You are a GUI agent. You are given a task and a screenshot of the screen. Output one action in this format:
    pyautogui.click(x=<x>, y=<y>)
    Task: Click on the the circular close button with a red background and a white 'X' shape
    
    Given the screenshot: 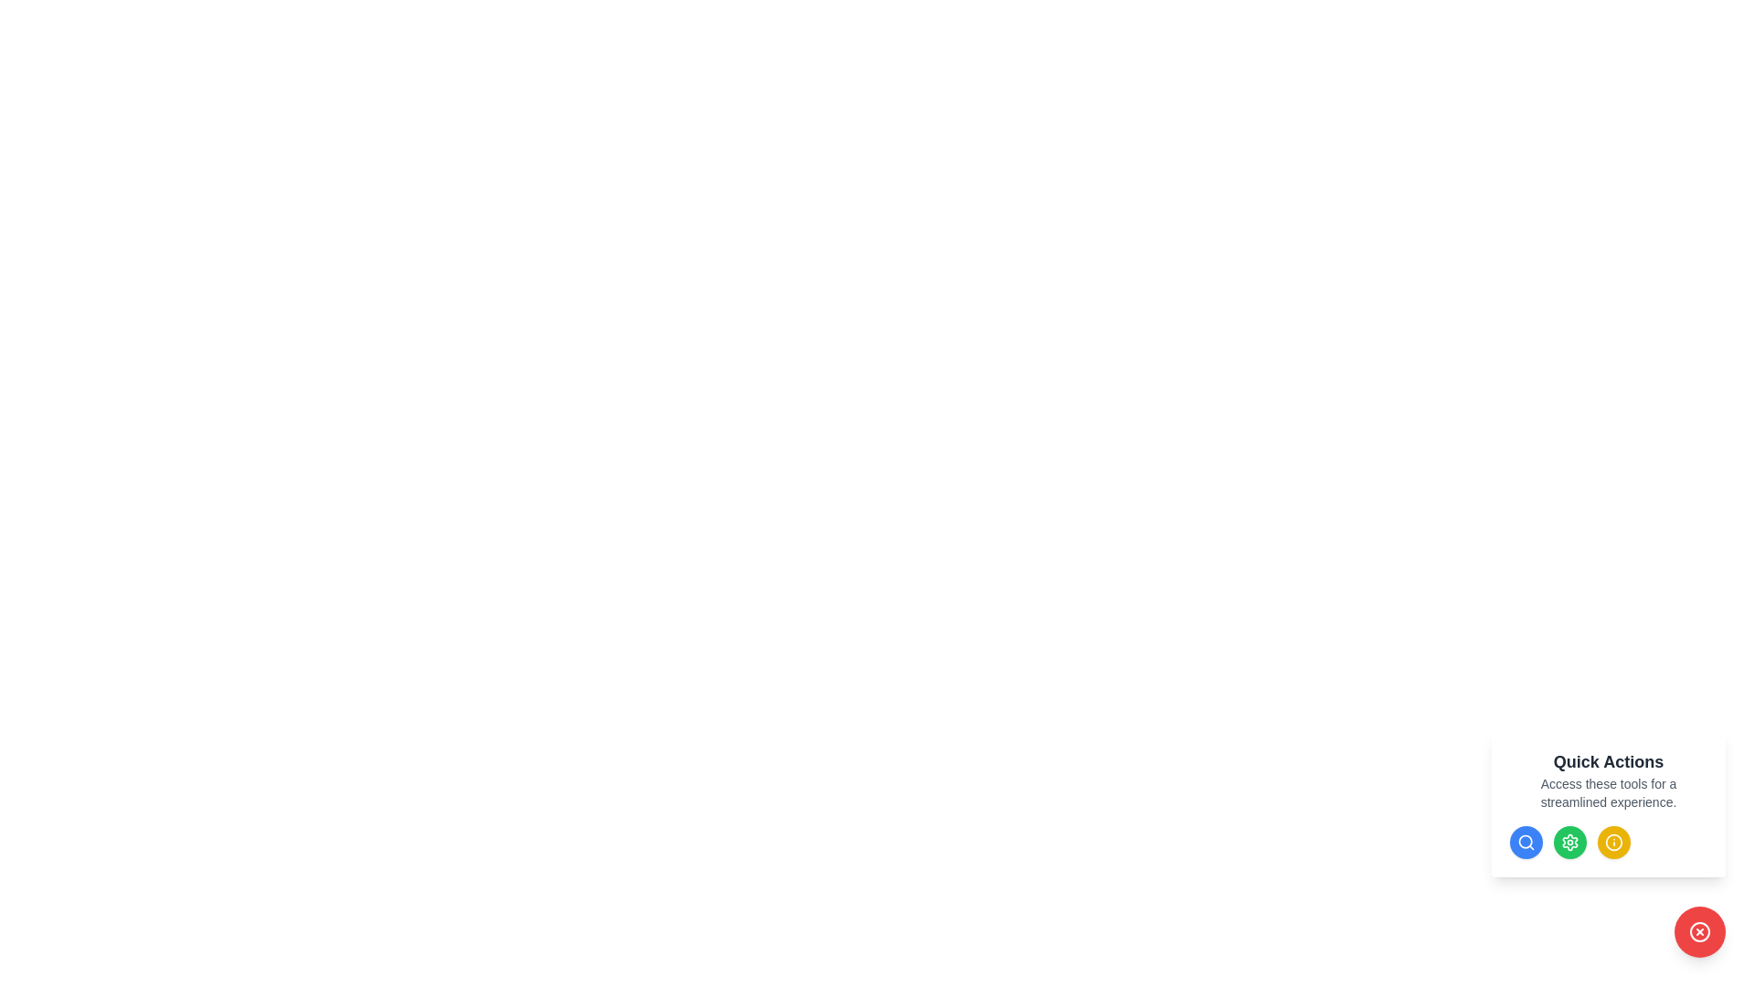 What is the action you would take?
    pyautogui.click(x=1699, y=931)
    